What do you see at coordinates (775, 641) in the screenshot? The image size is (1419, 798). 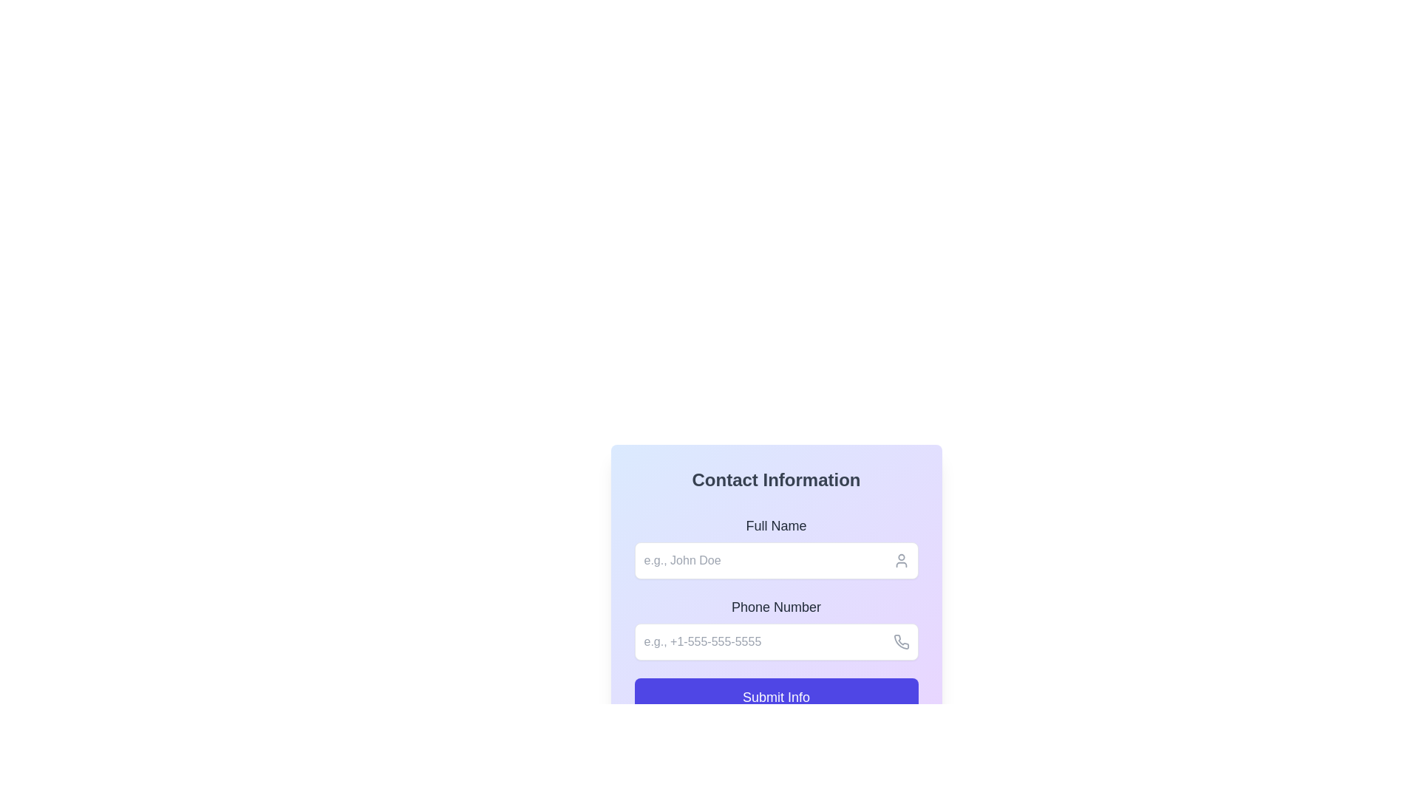 I see `and delete the content of the text input field styled with a light background and surrounded by a thin border, which has a placeholder text reading 'e.g., +1-555-555-5555'` at bounding box center [775, 641].